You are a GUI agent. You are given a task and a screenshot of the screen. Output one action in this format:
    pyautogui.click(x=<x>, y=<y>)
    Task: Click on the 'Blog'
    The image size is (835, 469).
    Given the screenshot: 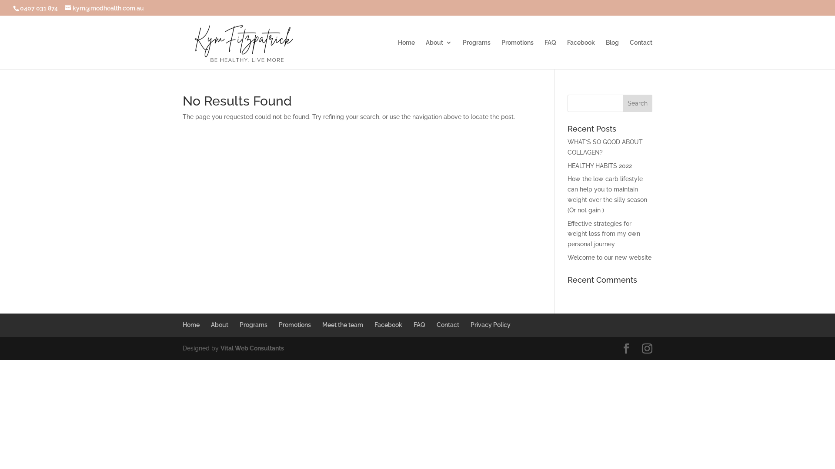 What is the action you would take?
    pyautogui.click(x=611, y=54)
    